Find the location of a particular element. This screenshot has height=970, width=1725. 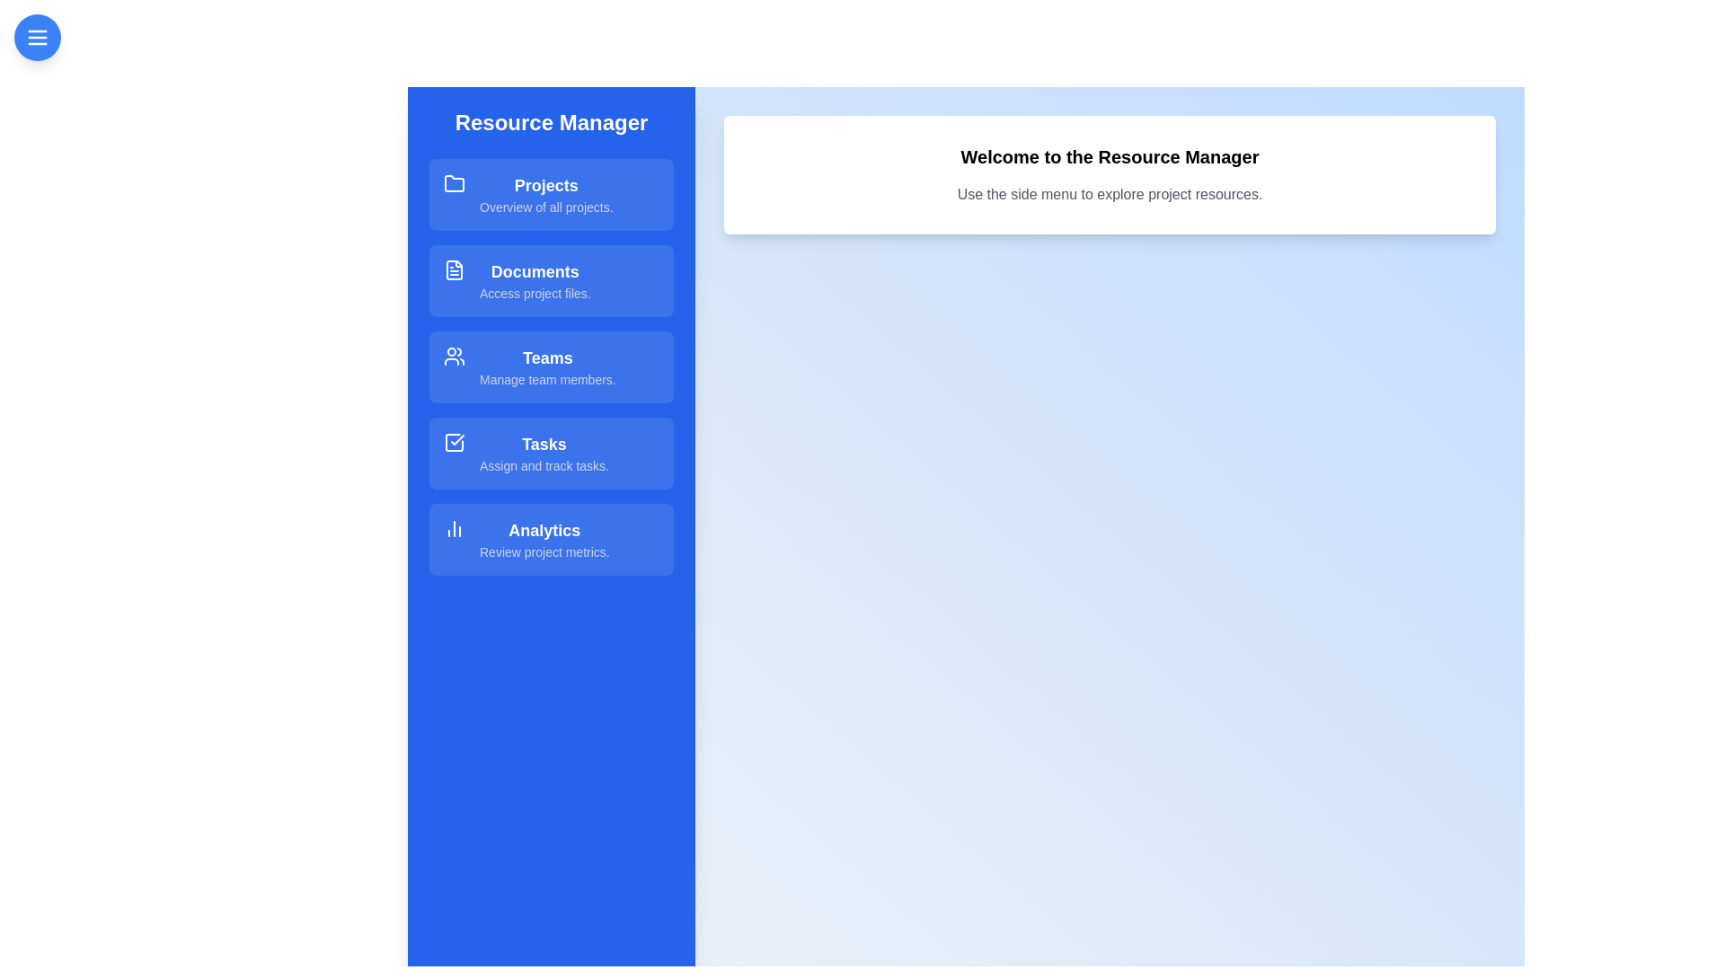

the resource item Teams to explore its hover effect is located at coordinates (551, 366).